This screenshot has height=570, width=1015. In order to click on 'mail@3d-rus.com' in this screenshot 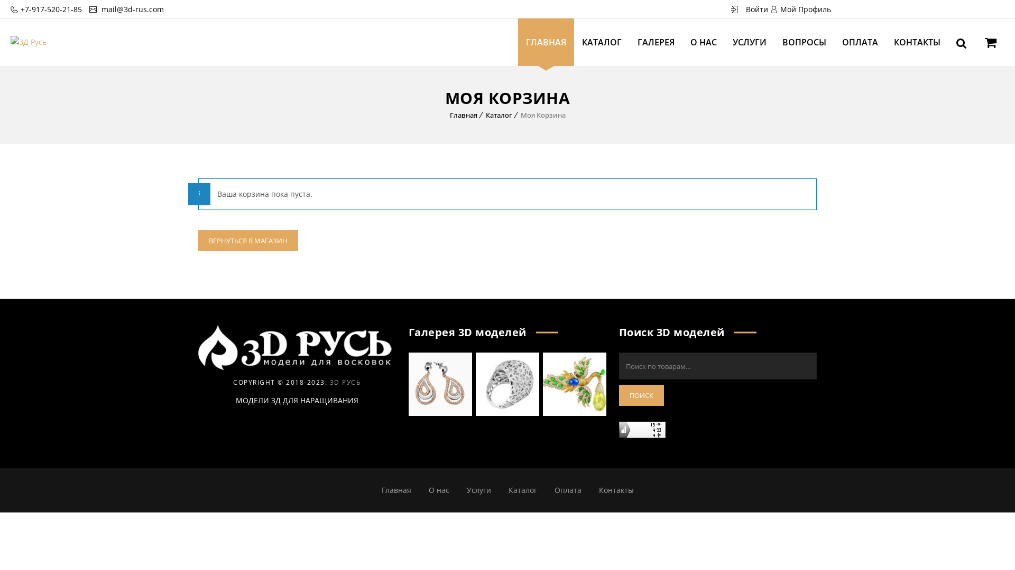, I will do `click(131, 9)`.